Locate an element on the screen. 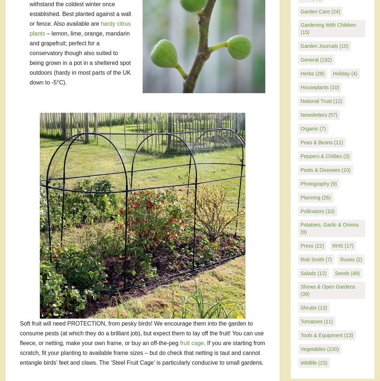 The width and height of the screenshot is (380, 381). '(24)' is located at coordinates (335, 11).